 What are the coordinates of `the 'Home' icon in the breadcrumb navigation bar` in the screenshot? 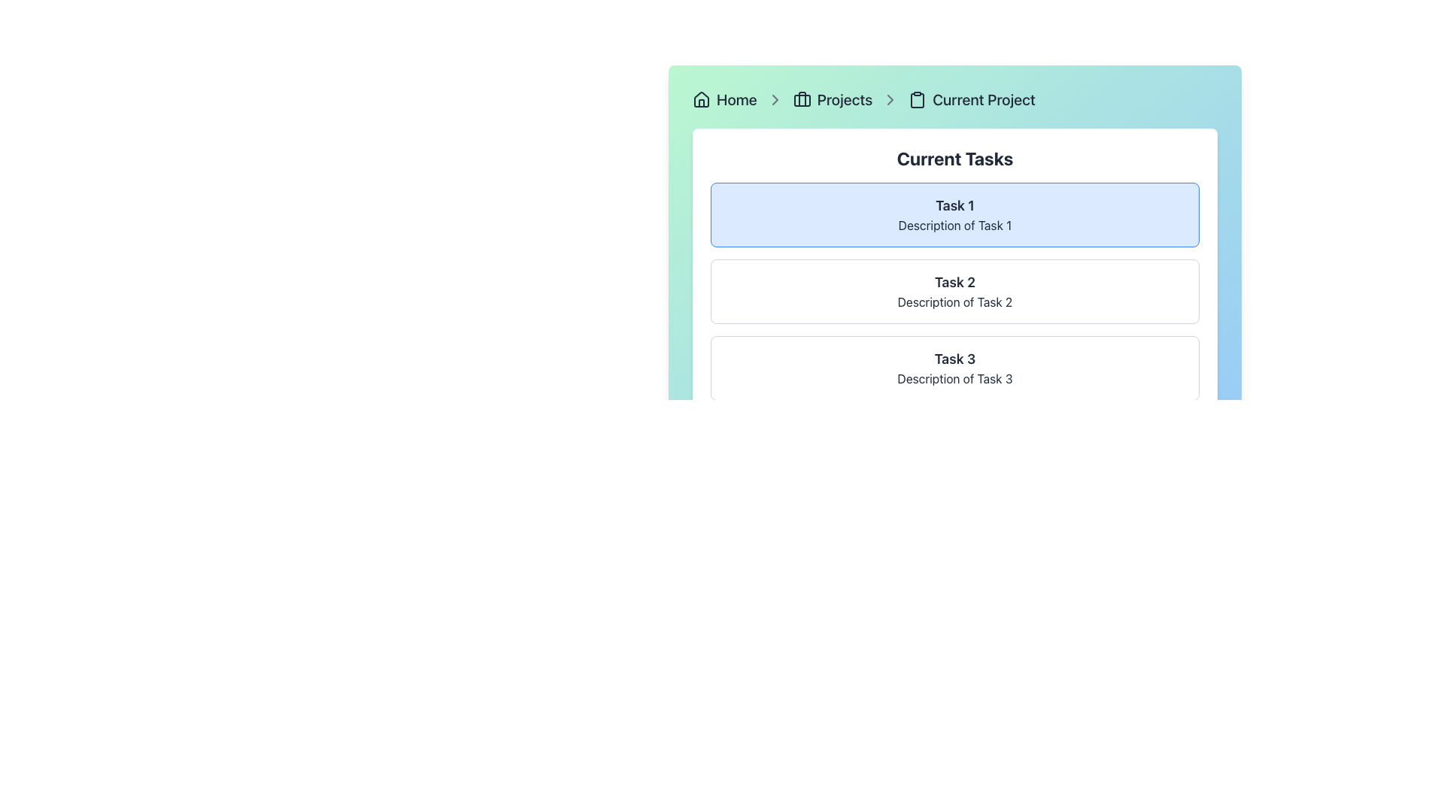 It's located at (700, 98).